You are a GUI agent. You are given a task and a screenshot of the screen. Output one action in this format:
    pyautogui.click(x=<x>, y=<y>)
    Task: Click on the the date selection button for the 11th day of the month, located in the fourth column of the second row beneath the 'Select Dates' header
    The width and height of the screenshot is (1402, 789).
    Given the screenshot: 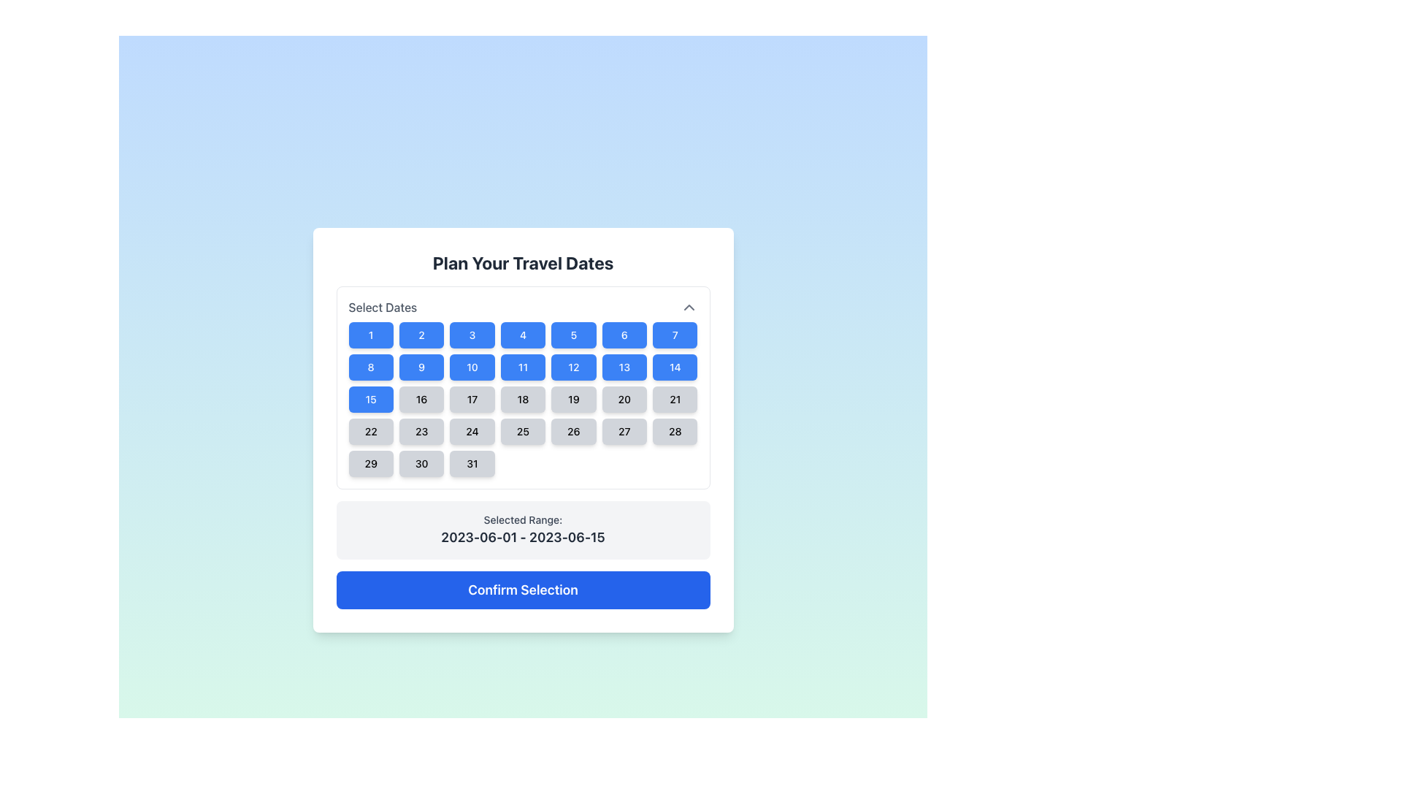 What is the action you would take?
    pyautogui.click(x=523, y=366)
    